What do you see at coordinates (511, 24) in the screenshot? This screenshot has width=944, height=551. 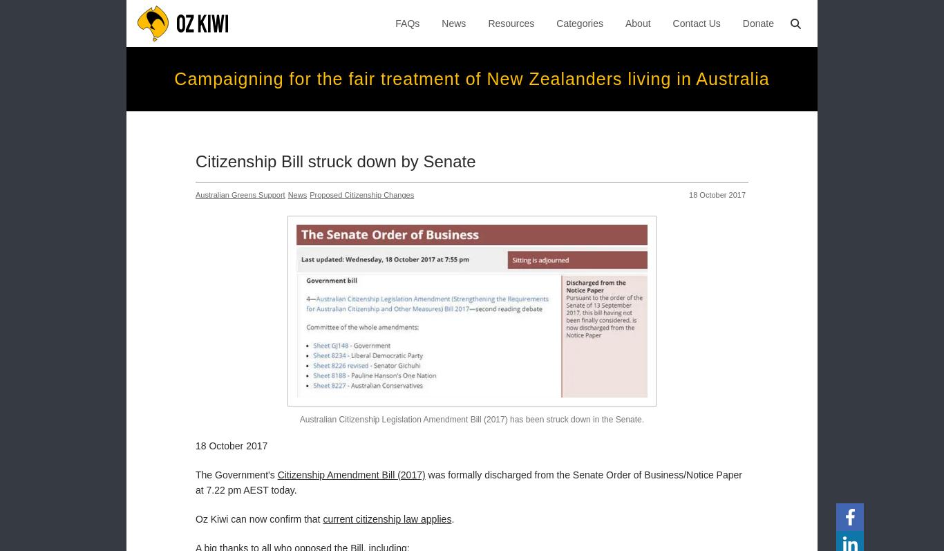 I see `'Resources'` at bounding box center [511, 24].